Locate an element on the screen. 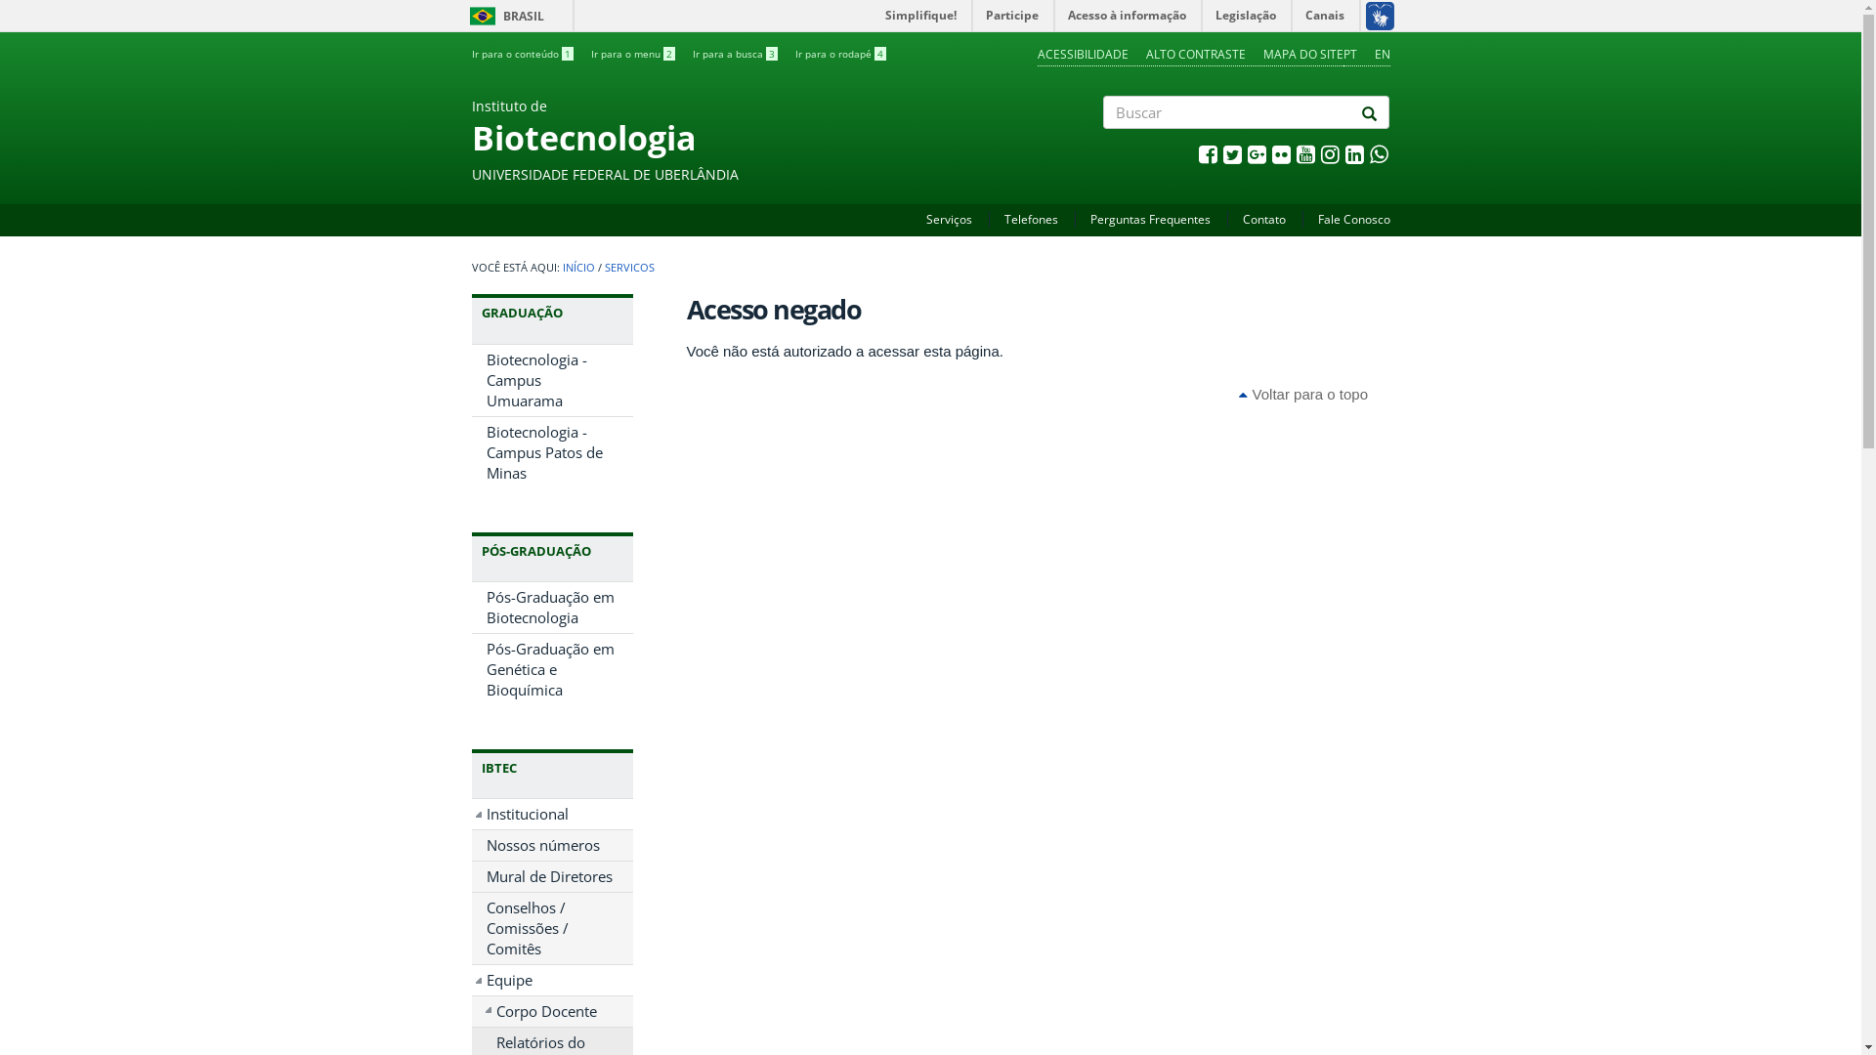 The image size is (1876, 1055). 'Ir para o menu 2' is located at coordinates (632, 52).